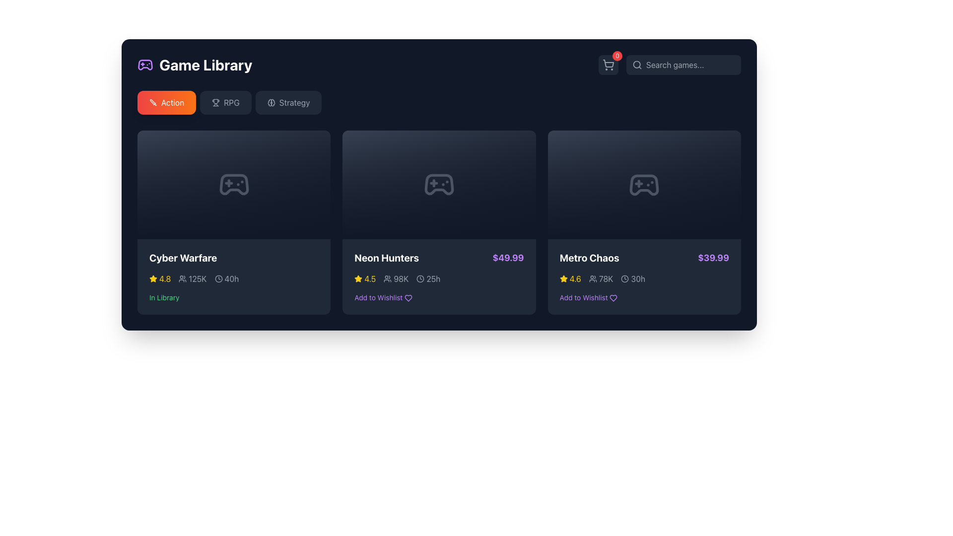 This screenshot has width=953, height=536. What do you see at coordinates (357, 278) in the screenshot?
I see `the yellow five-pointed star icon adjacent to the rating value to influence the rating display` at bounding box center [357, 278].